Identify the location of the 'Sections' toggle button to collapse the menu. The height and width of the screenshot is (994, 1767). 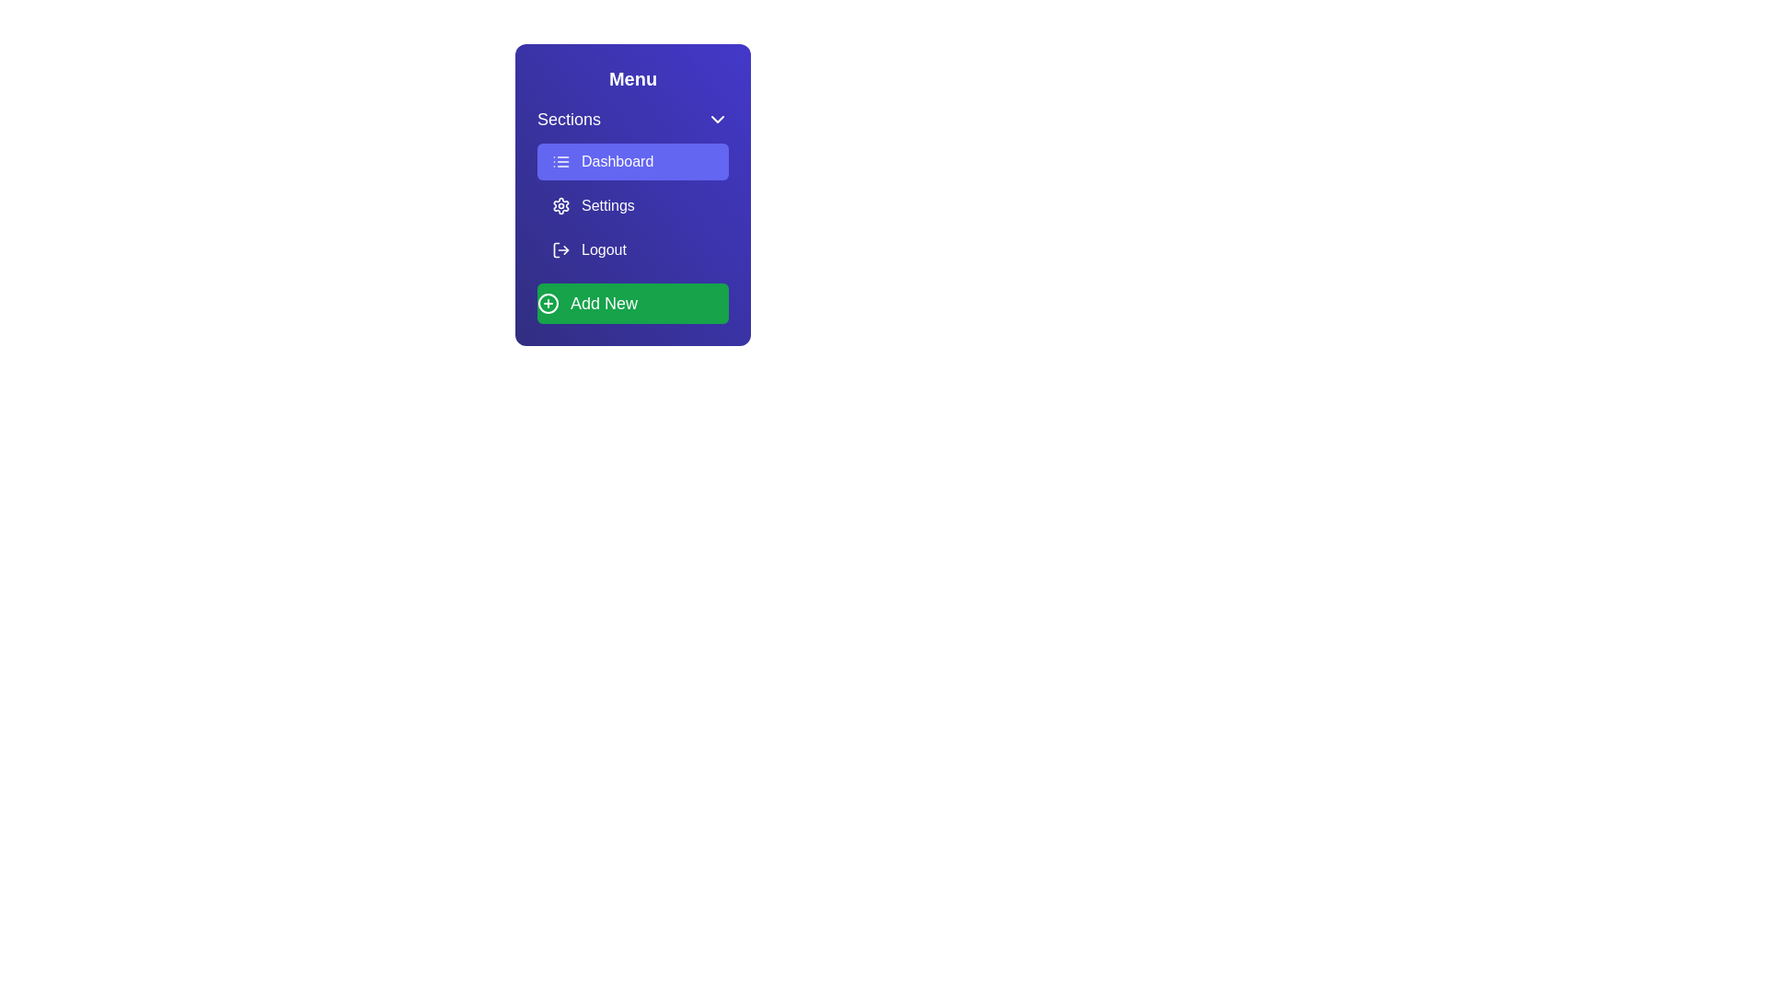
(632, 120).